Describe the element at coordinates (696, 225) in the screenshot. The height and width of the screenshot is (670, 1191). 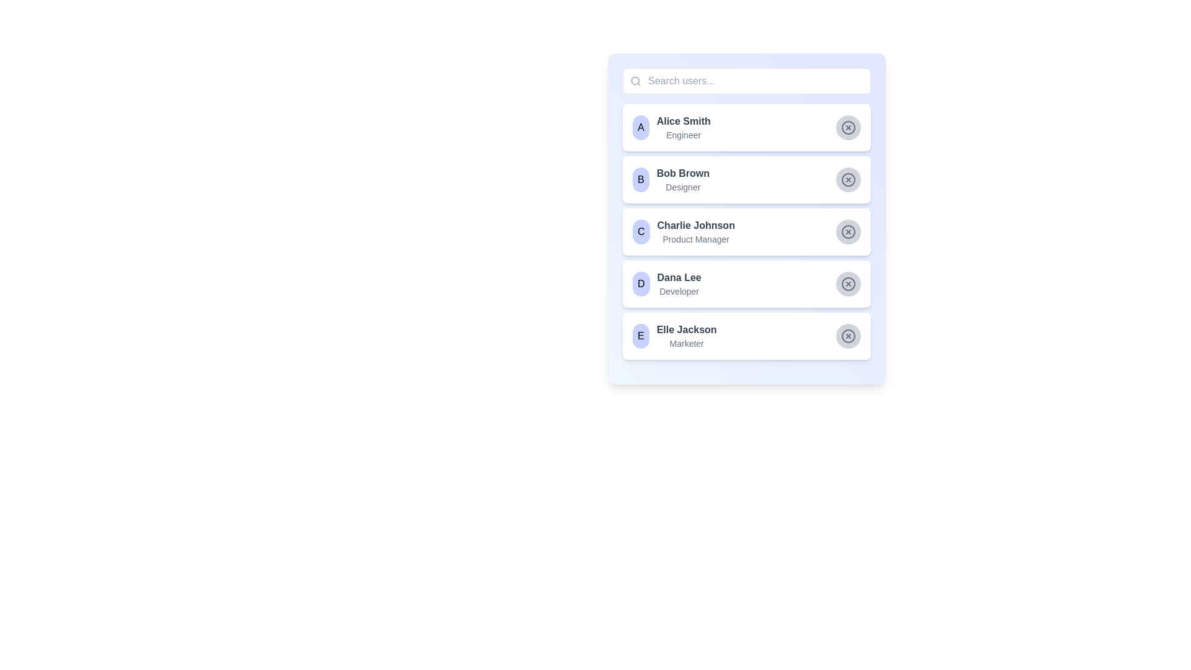
I see `the text label displaying the name of a user or contact in the user directory, located above the text 'Product Manager'` at that location.